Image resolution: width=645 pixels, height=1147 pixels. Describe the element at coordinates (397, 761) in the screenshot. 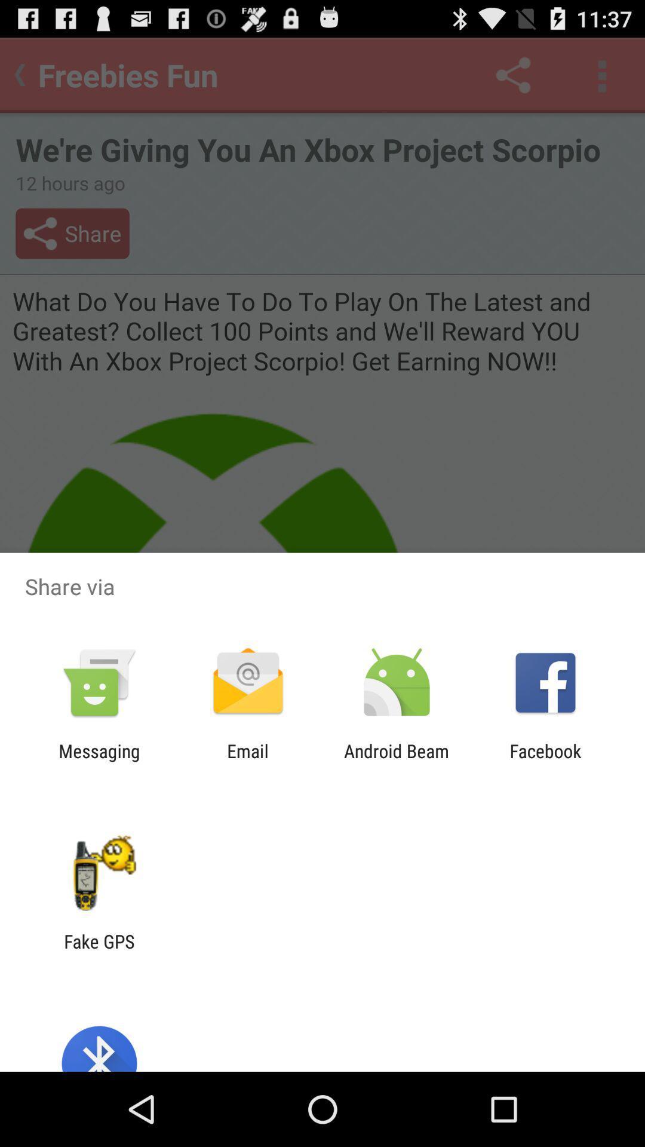

I see `the app to the right of the email item` at that location.